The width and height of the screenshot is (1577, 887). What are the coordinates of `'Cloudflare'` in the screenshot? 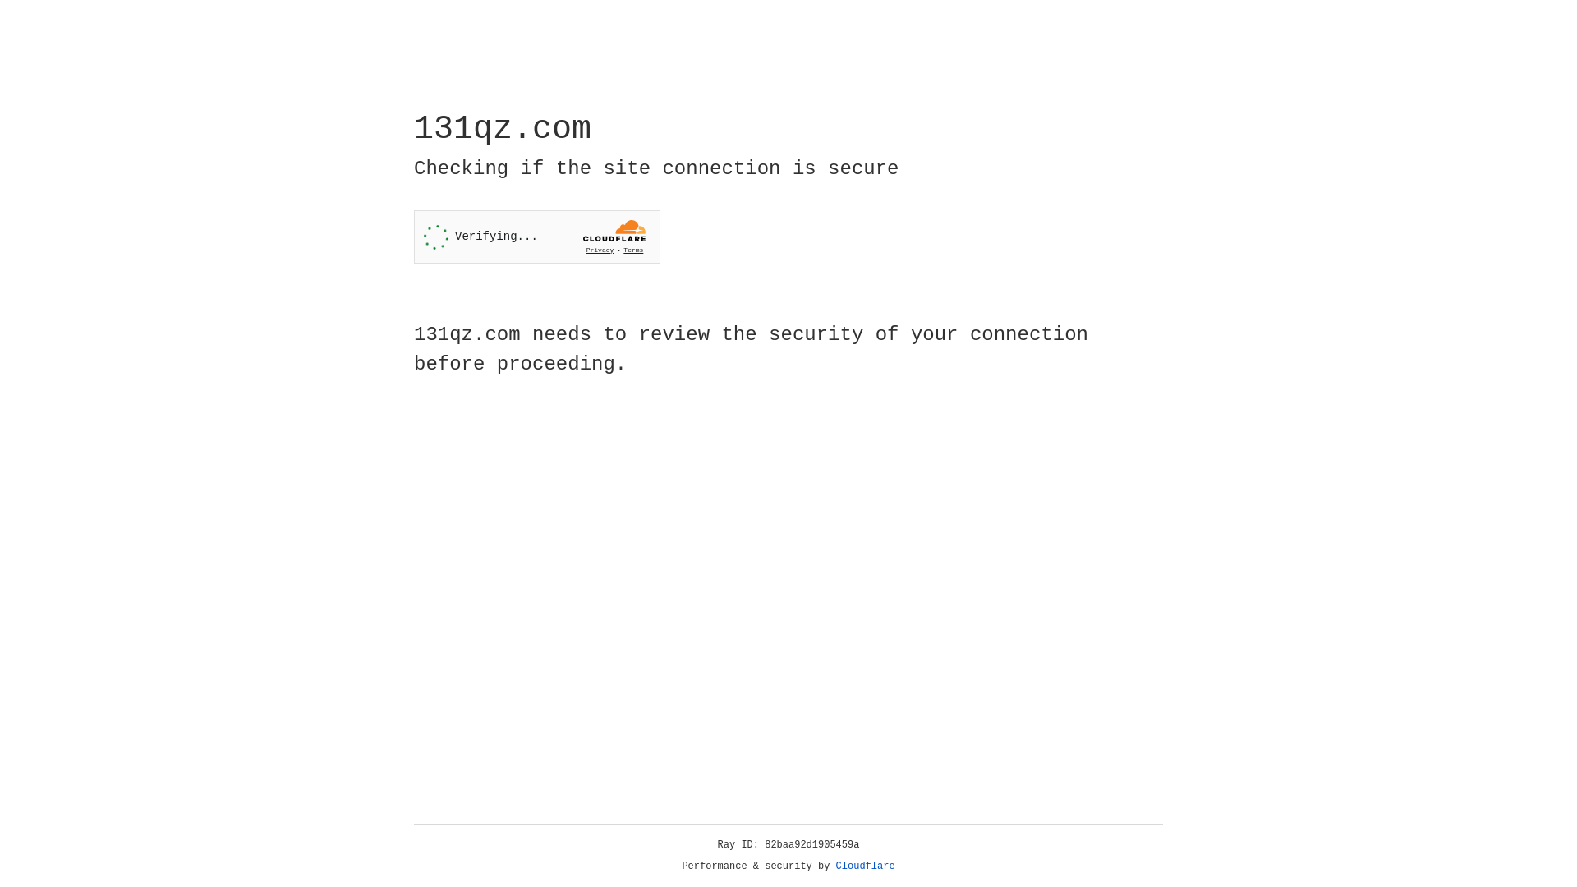 It's located at (865, 866).